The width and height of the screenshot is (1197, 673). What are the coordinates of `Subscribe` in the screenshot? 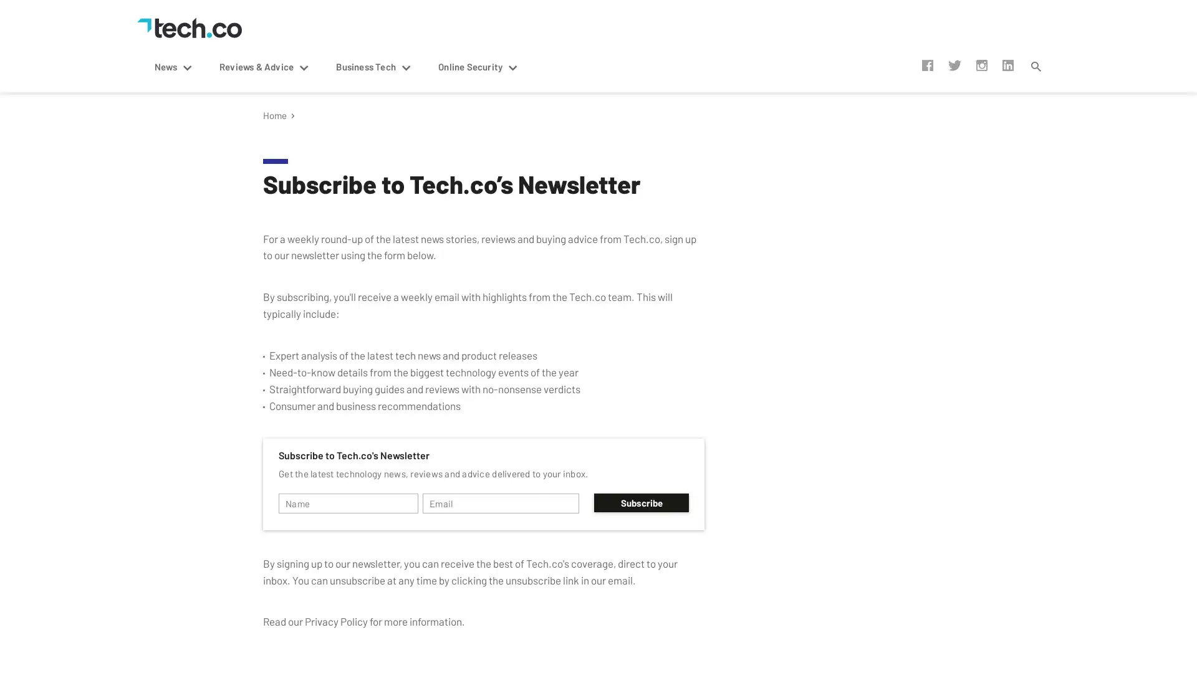 It's located at (641, 502).